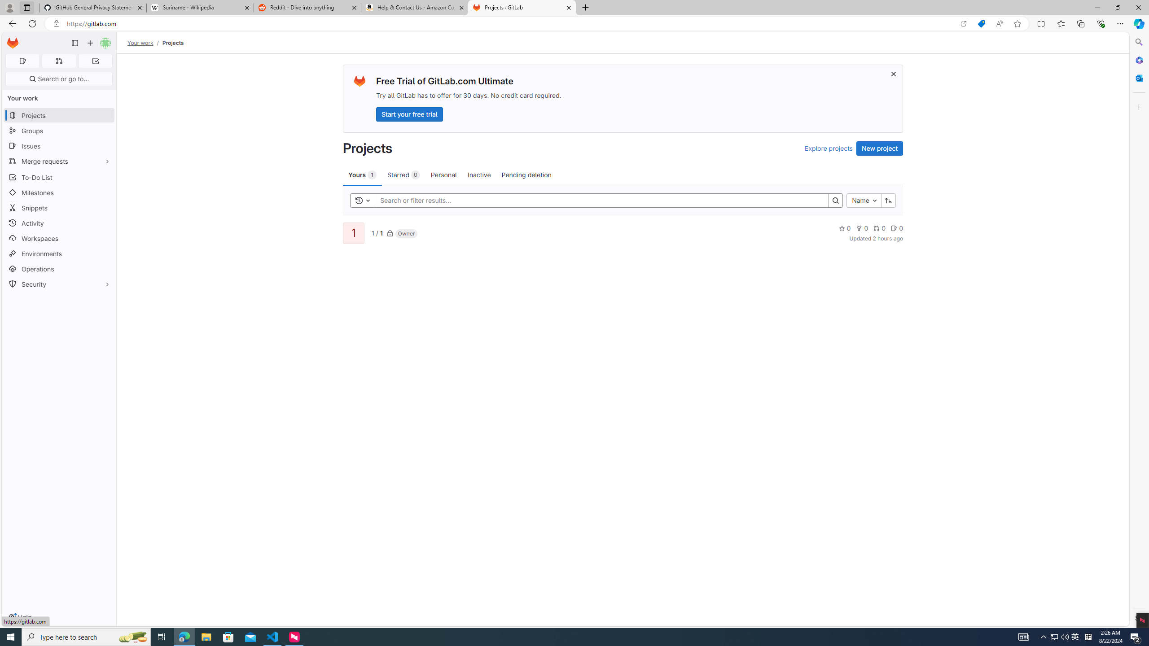 The height and width of the screenshot is (646, 1149). What do you see at coordinates (58, 207) in the screenshot?
I see `'Snippets'` at bounding box center [58, 207].